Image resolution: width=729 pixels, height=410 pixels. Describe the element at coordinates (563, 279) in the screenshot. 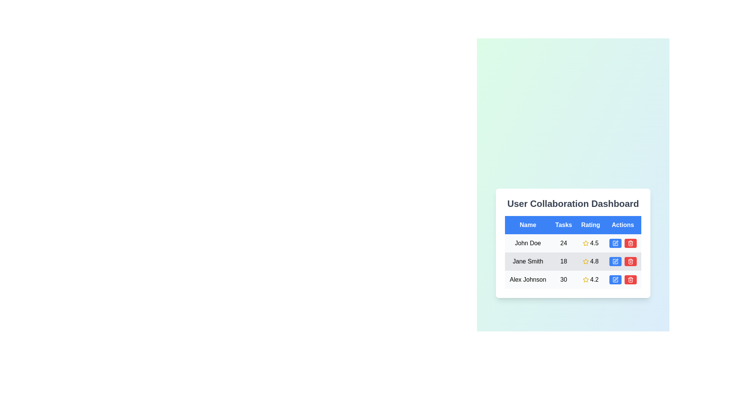

I see `the text cell displaying the number of tasks associated with the user 'Alex Johnson', located in the 'Tasks' column of the table` at that location.